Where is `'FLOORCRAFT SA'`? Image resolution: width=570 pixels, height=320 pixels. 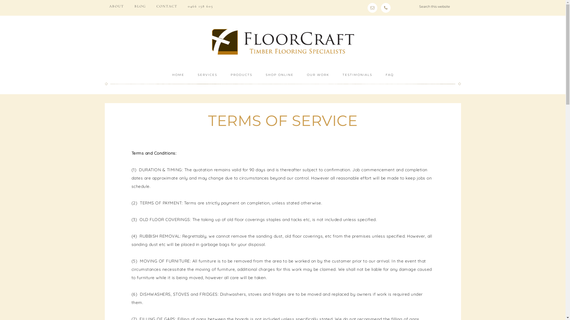 'FLOORCRAFT SA' is located at coordinates (282, 41).